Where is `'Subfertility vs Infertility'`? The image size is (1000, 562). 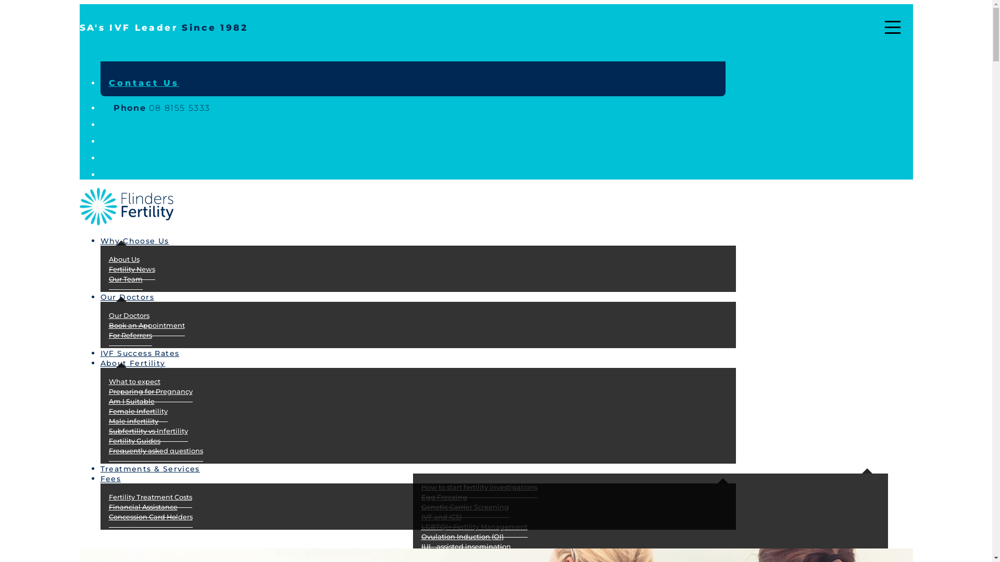 'Subfertility vs Infertility' is located at coordinates (108, 431).